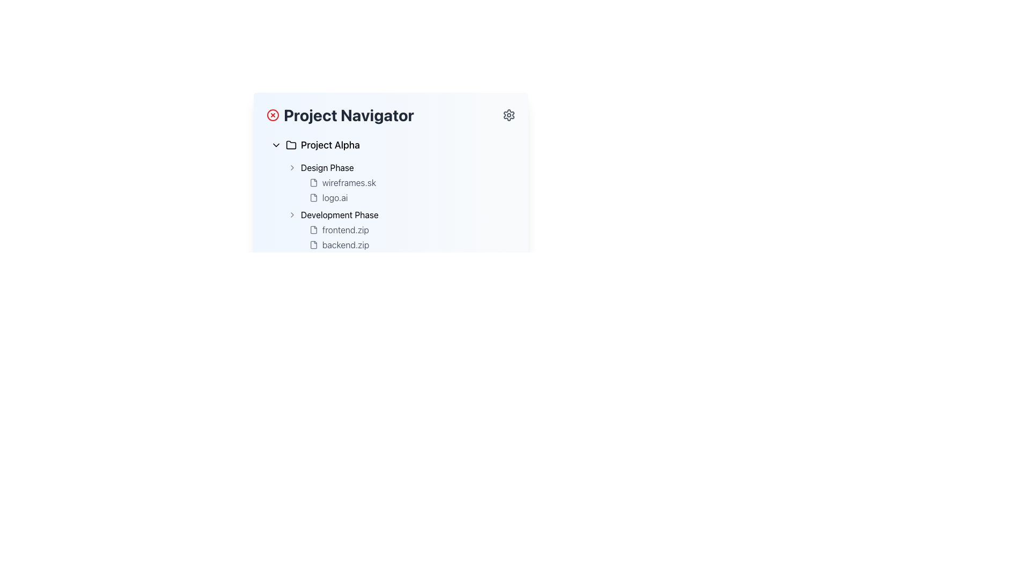 Image resolution: width=1030 pixels, height=579 pixels. Describe the element at coordinates (329, 145) in the screenshot. I see `the text label displaying 'Project Alpha', which is a prominent title in the 'Project Navigator' section, aligned with a folder icon and dropdown indicator` at that location.